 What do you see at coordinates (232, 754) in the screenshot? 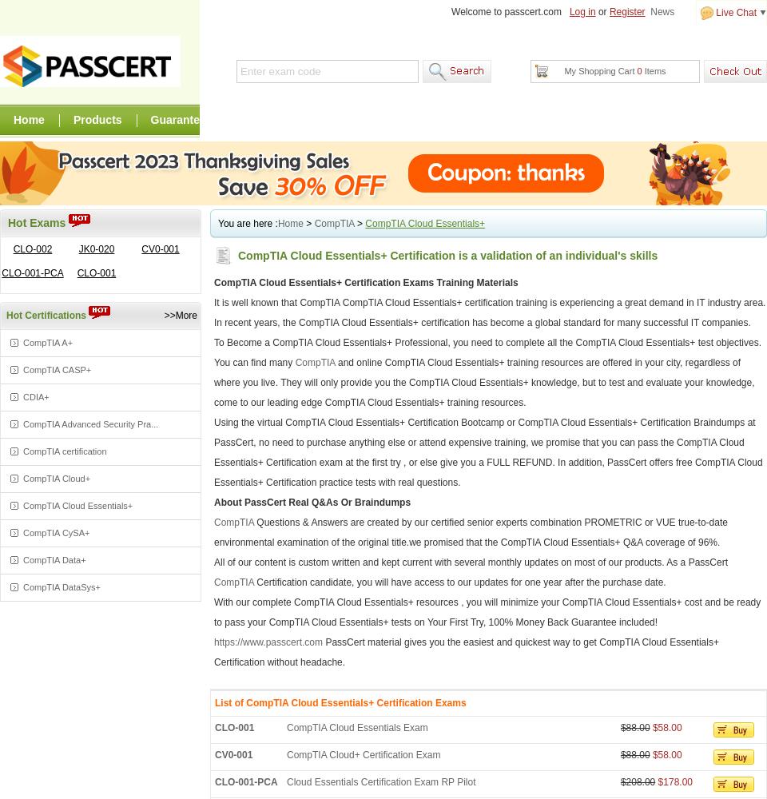
I see `'CV0-001'` at bounding box center [232, 754].